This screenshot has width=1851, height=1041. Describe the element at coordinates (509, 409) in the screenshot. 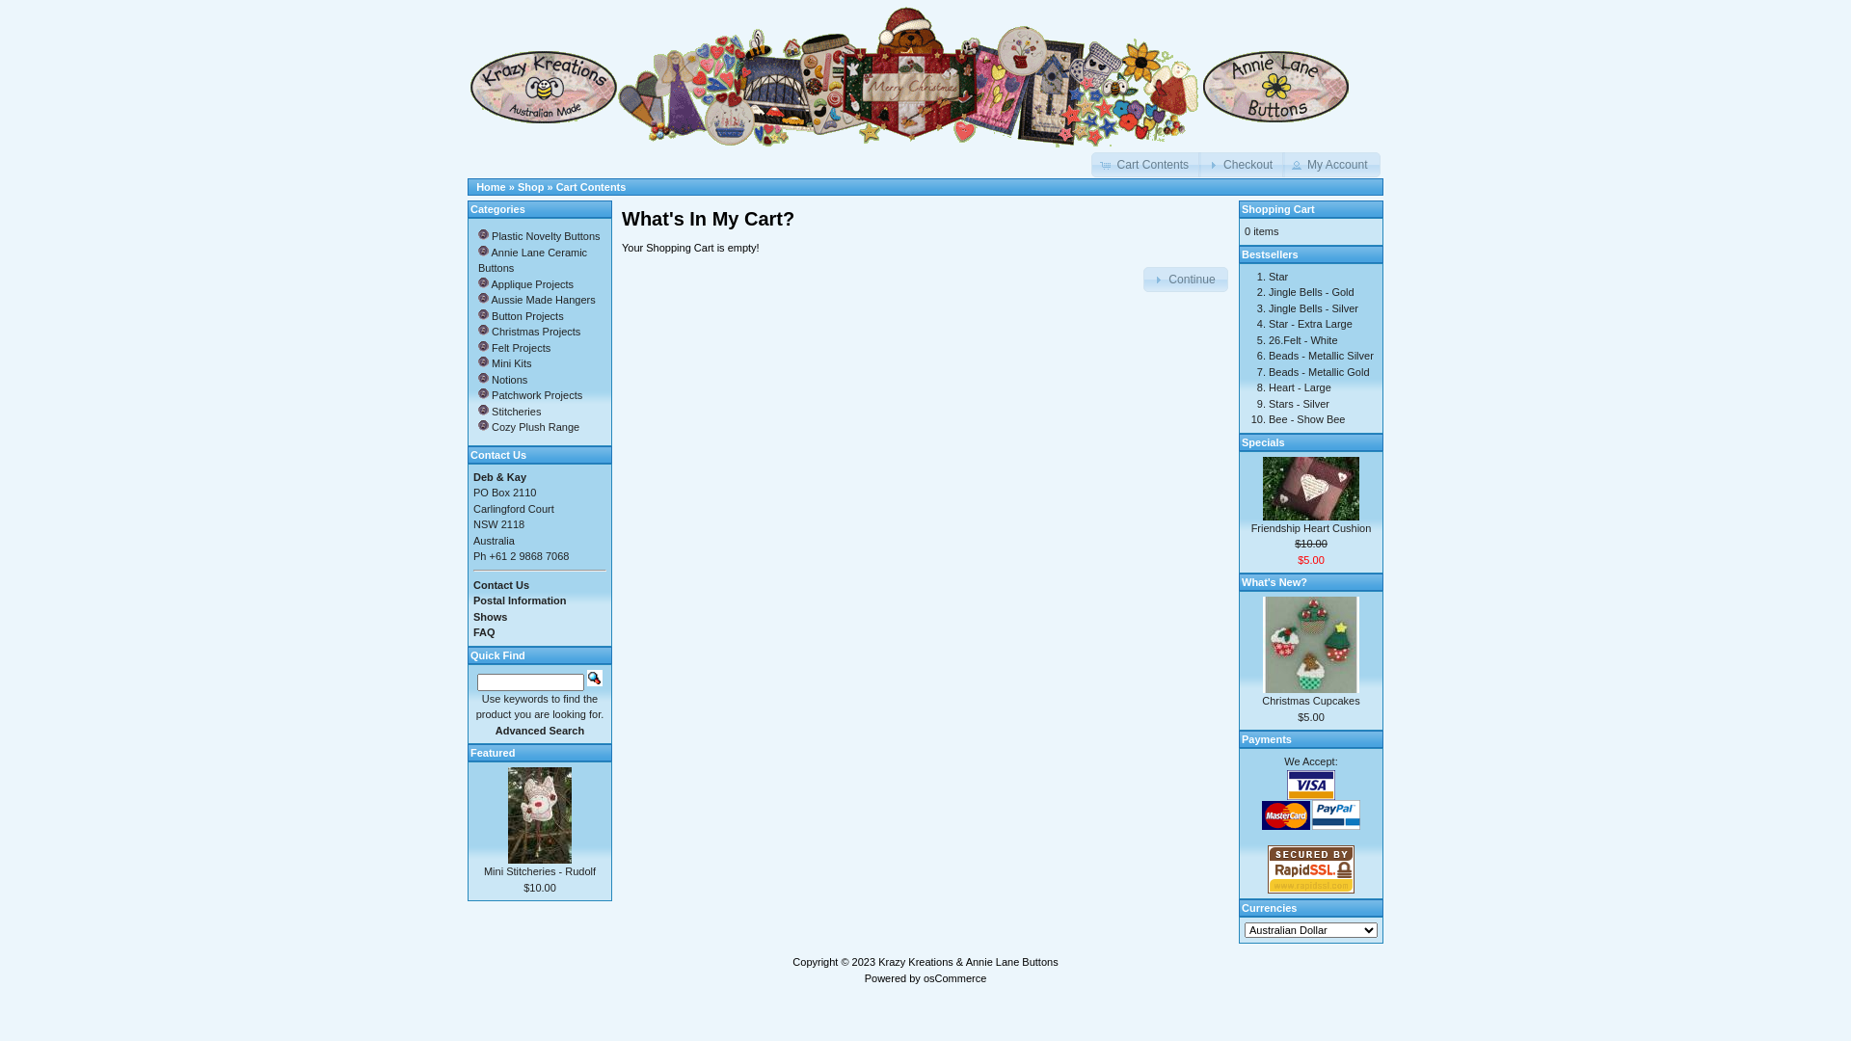

I see `' Stitcheries'` at that location.